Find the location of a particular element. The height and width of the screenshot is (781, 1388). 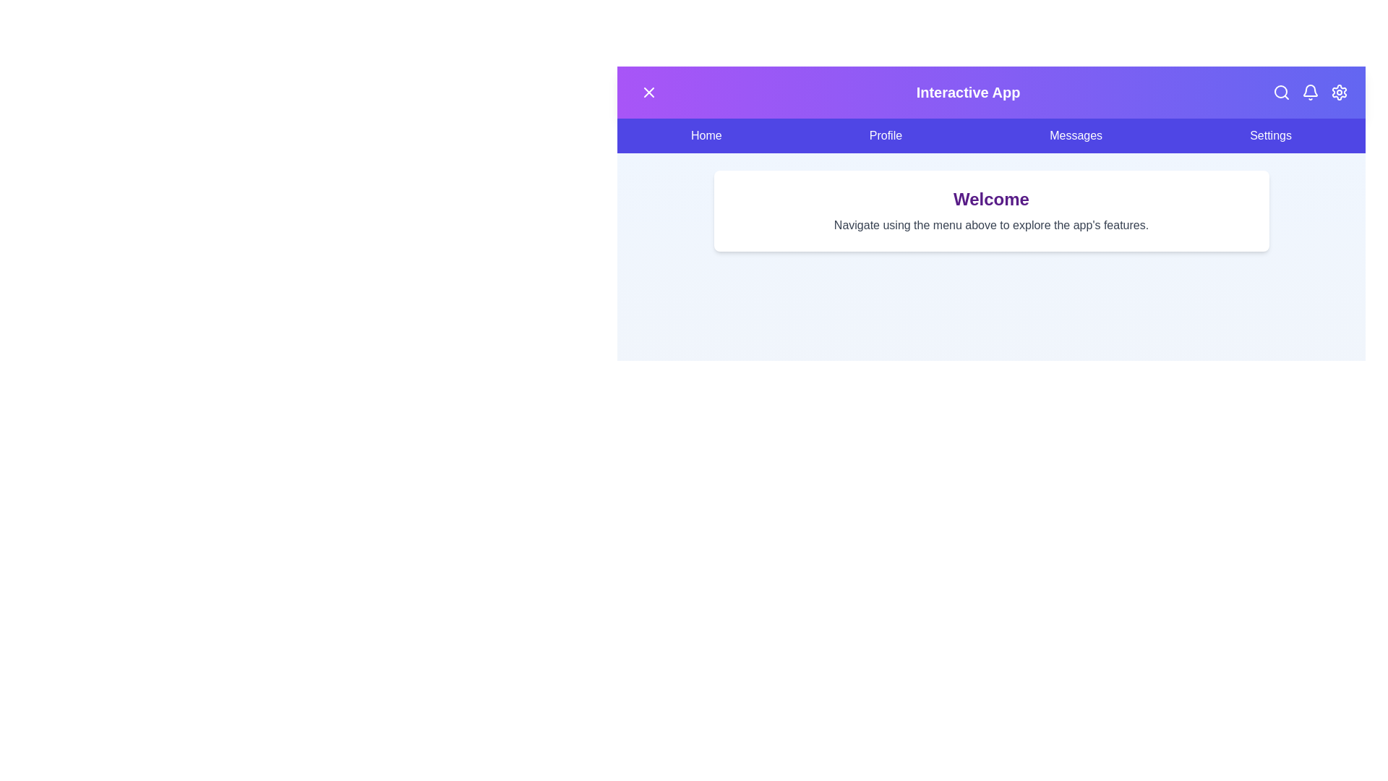

the Notifications icon in the header is located at coordinates (1311, 92).